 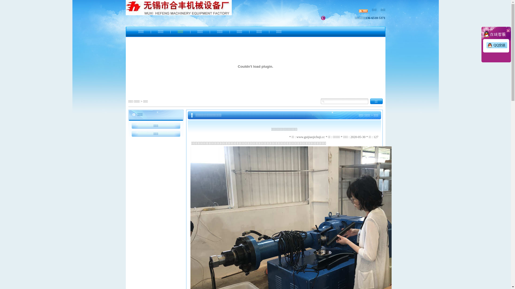 What do you see at coordinates (507, 30) in the screenshot?
I see `' '` at bounding box center [507, 30].